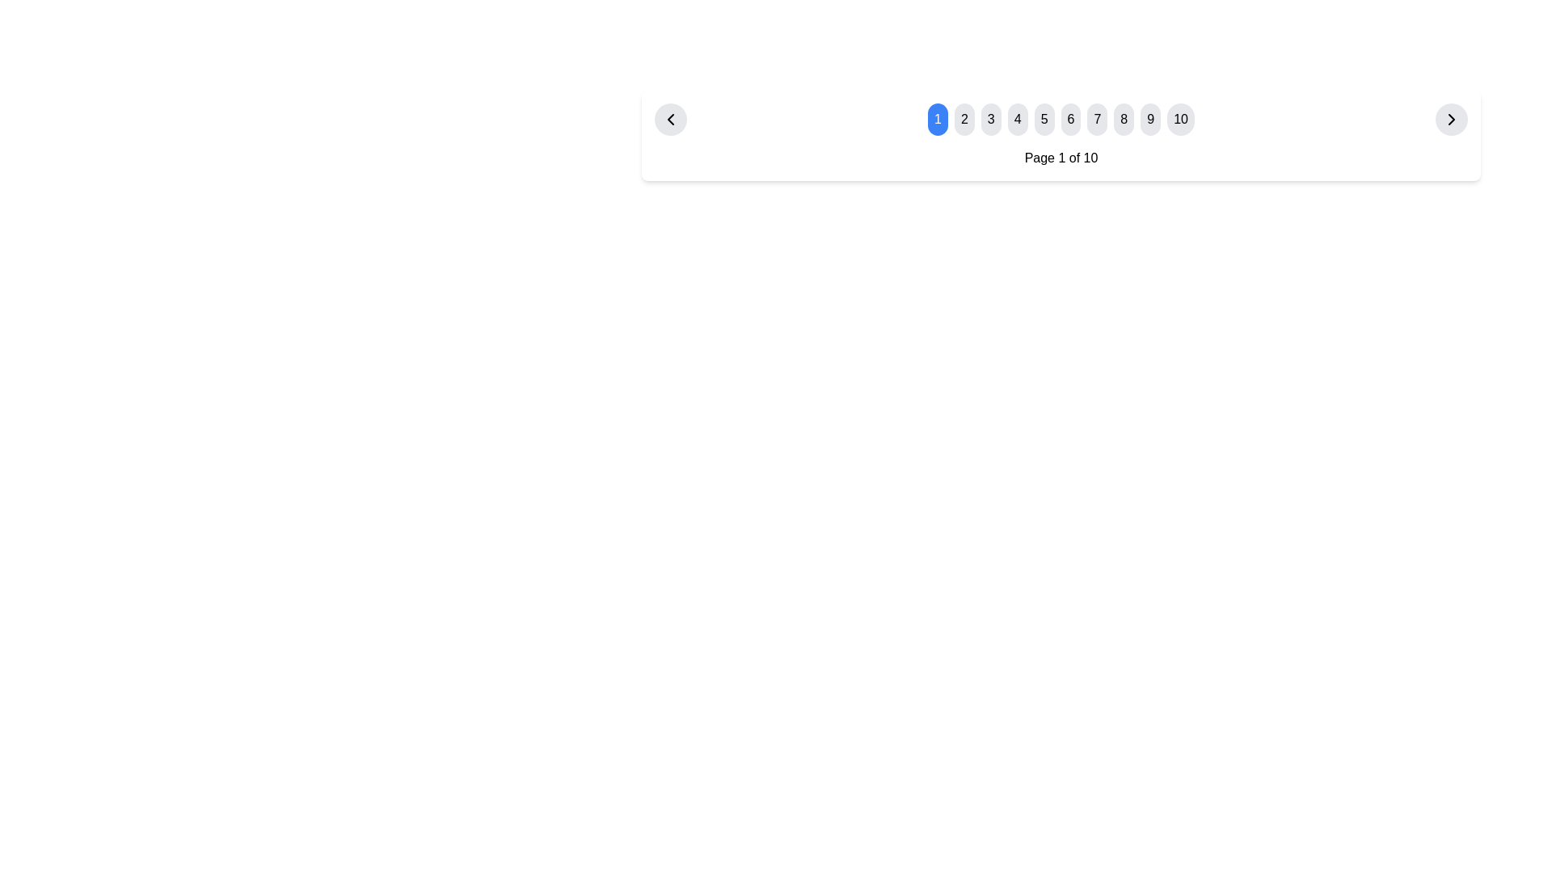 This screenshot has height=873, width=1552. What do you see at coordinates (1149, 118) in the screenshot?
I see `the ninth pagination button` at bounding box center [1149, 118].